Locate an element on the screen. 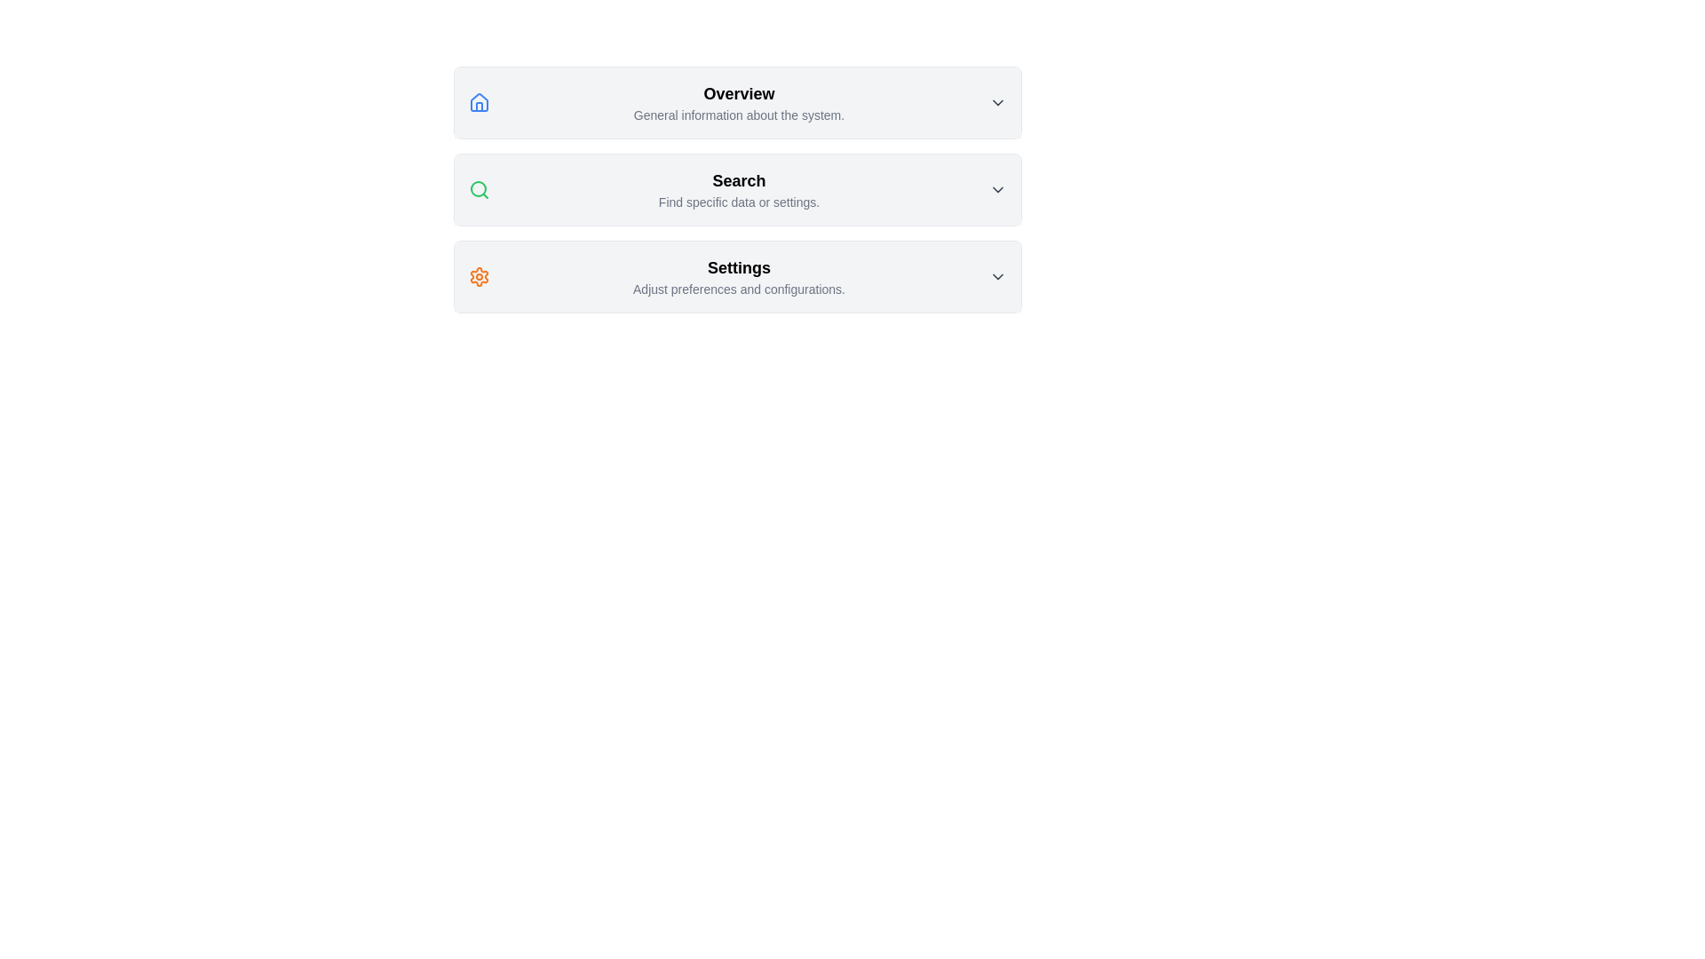 The height and width of the screenshot is (959, 1705). the rectangular button labeled 'Search' with a light gray background and a green search icon to activate it is located at coordinates (737, 189).